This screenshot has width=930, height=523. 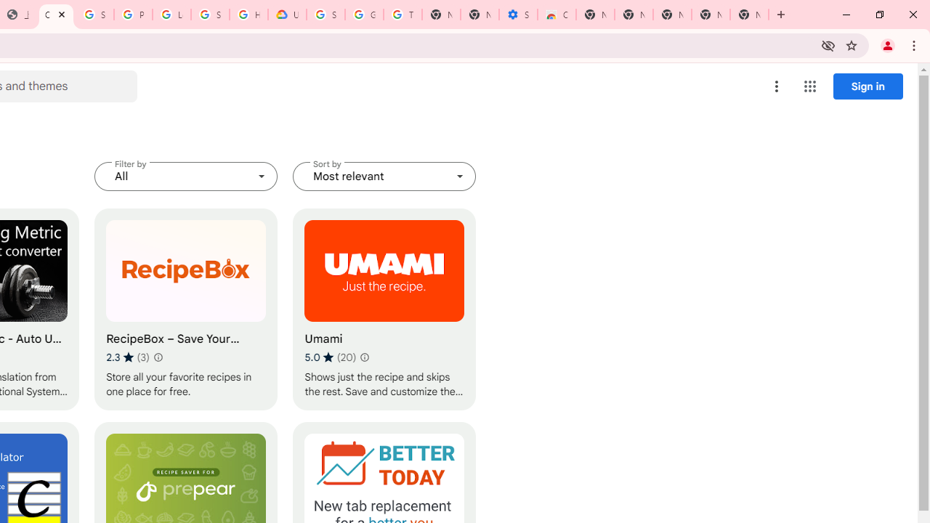 What do you see at coordinates (749, 15) in the screenshot?
I see `'New Tab'` at bounding box center [749, 15].